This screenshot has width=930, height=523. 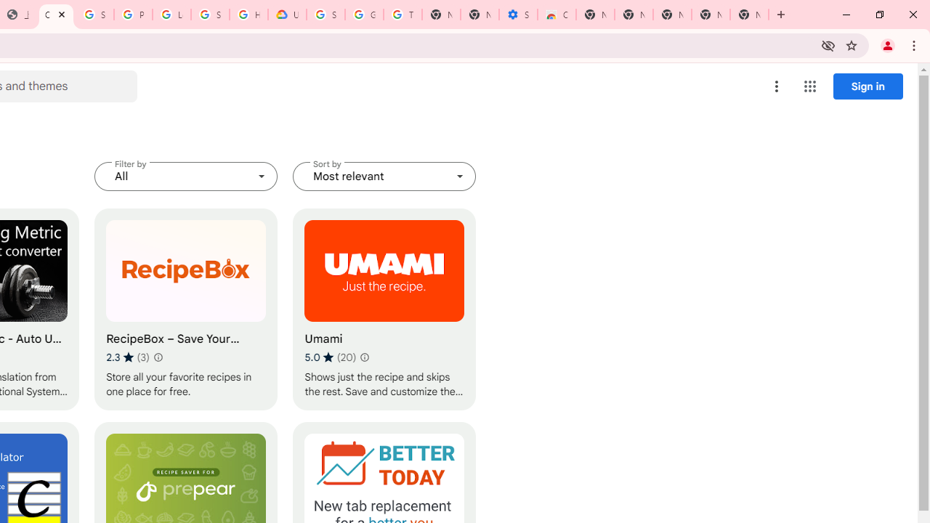 What do you see at coordinates (749, 15) in the screenshot?
I see `'New Tab'` at bounding box center [749, 15].